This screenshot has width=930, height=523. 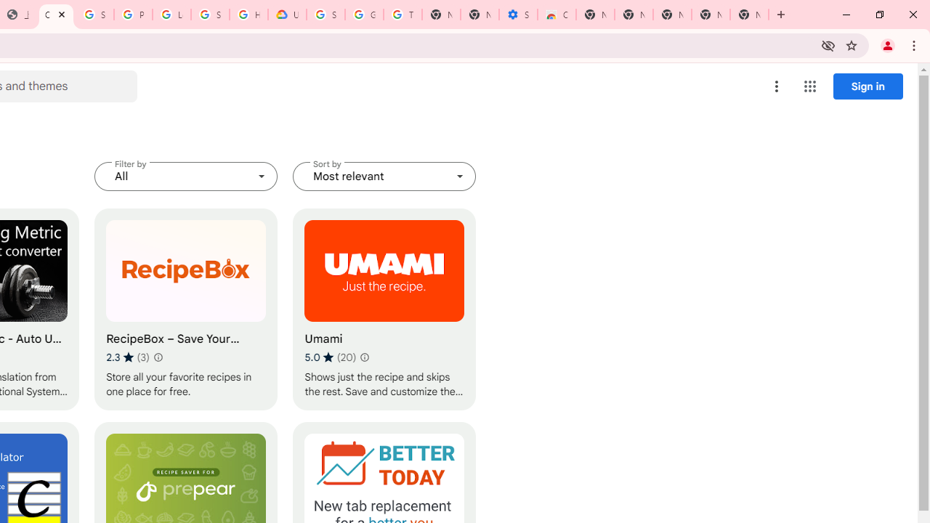 What do you see at coordinates (749, 15) in the screenshot?
I see `'New Tab'` at bounding box center [749, 15].